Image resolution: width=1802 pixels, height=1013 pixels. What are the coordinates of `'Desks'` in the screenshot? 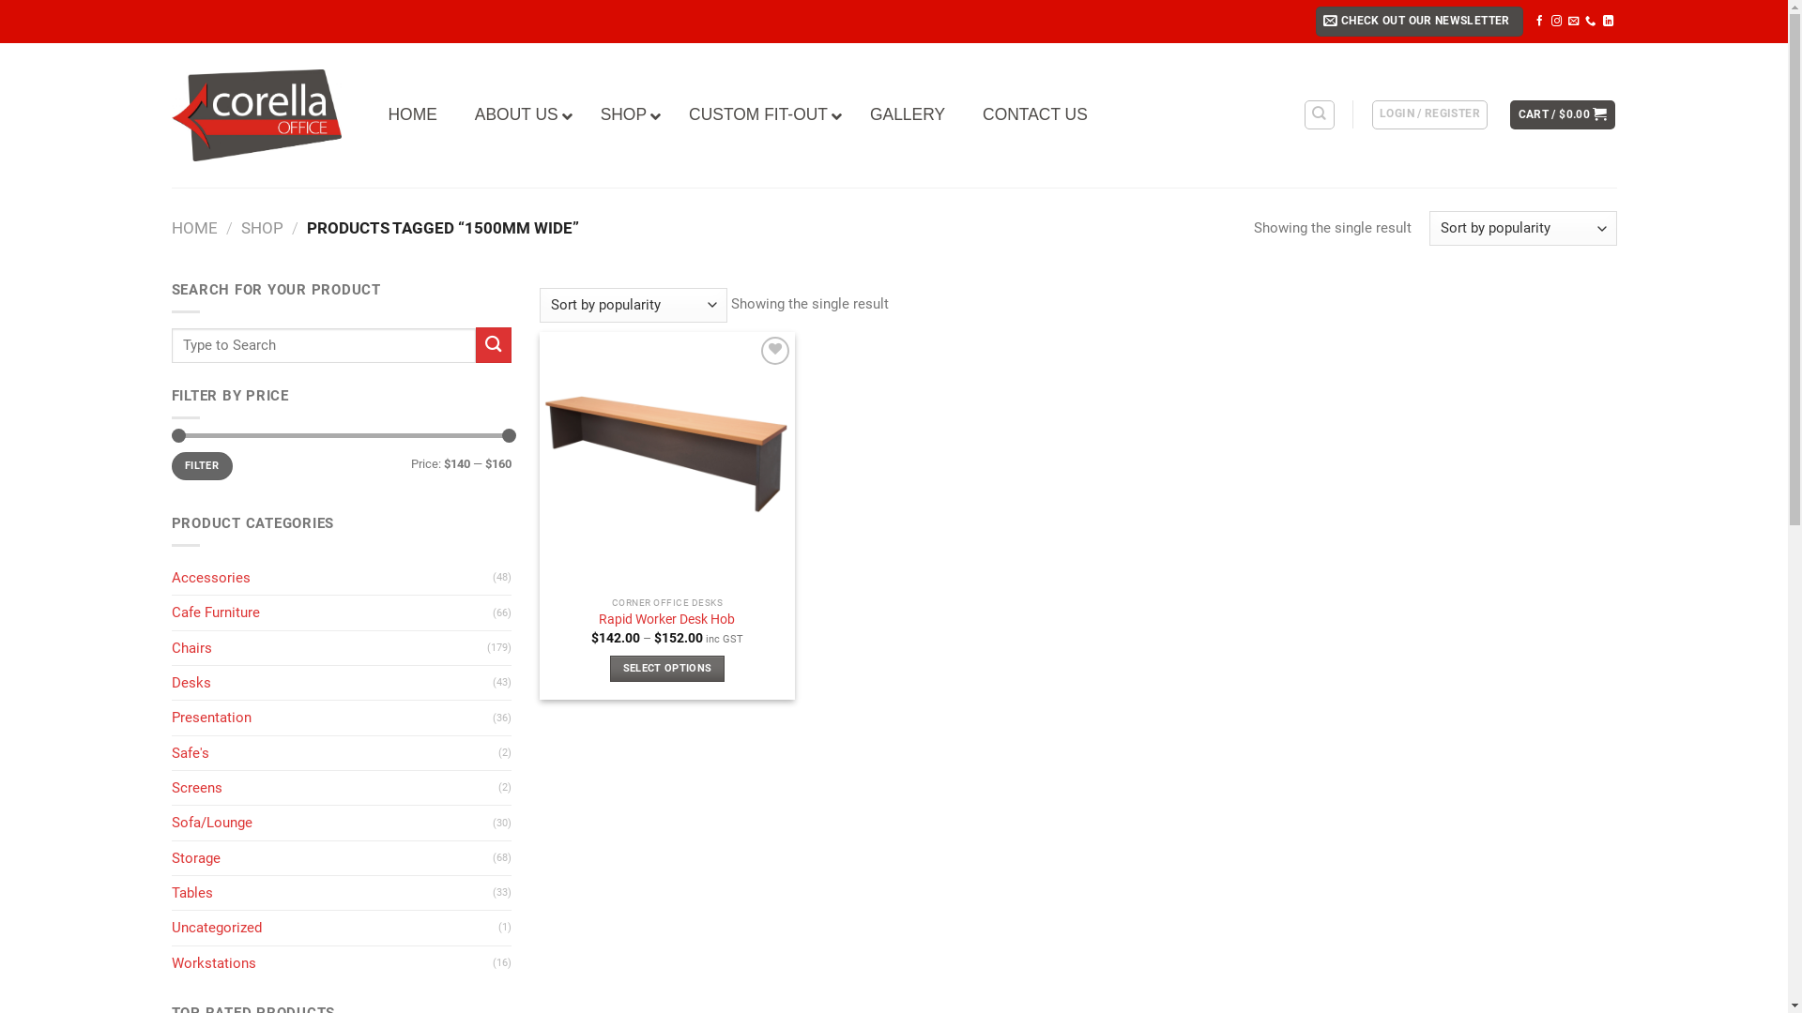 It's located at (331, 683).